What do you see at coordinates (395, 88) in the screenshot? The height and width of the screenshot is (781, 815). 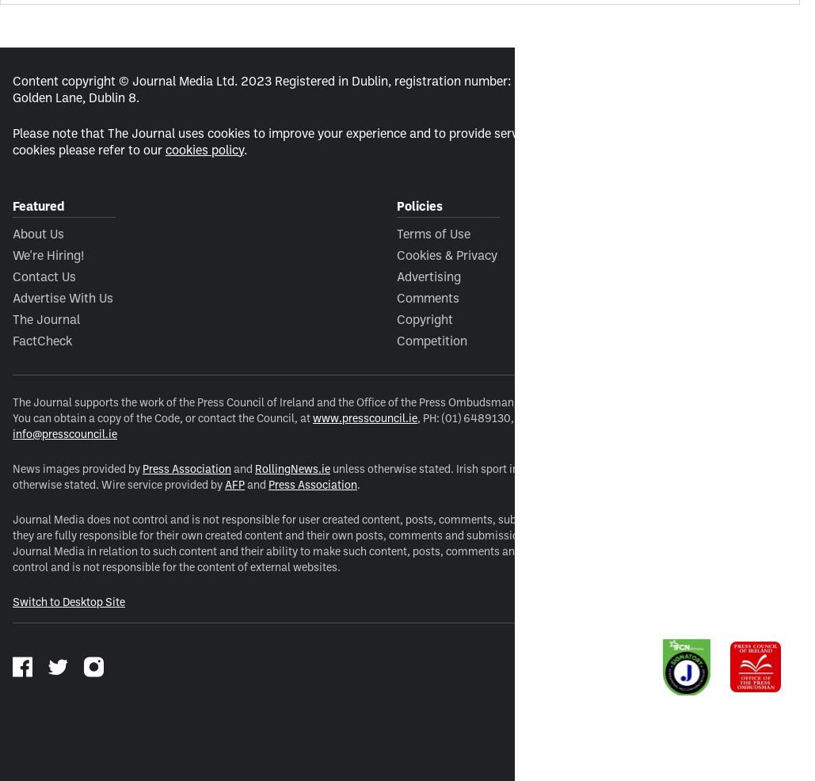 I see `'Content copyright © Journal Media Ltd. 2023 Registered in Dublin, registration number:
                    483623.
                    Registered office: 3rd floor, Latin Hall, Golden Lane, Dublin 8.'` at bounding box center [395, 88].